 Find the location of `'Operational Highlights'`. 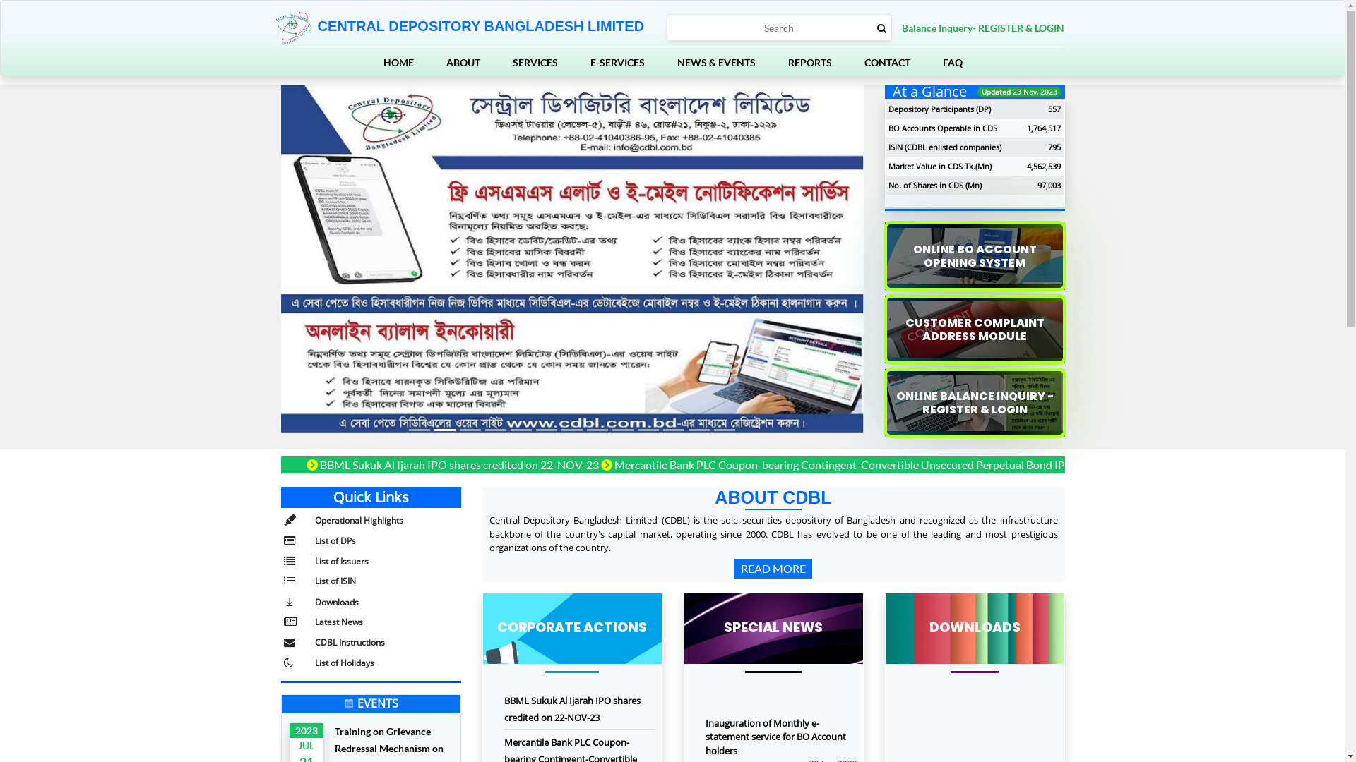

'Operational Highlights' is located at coordinates (314, 520).